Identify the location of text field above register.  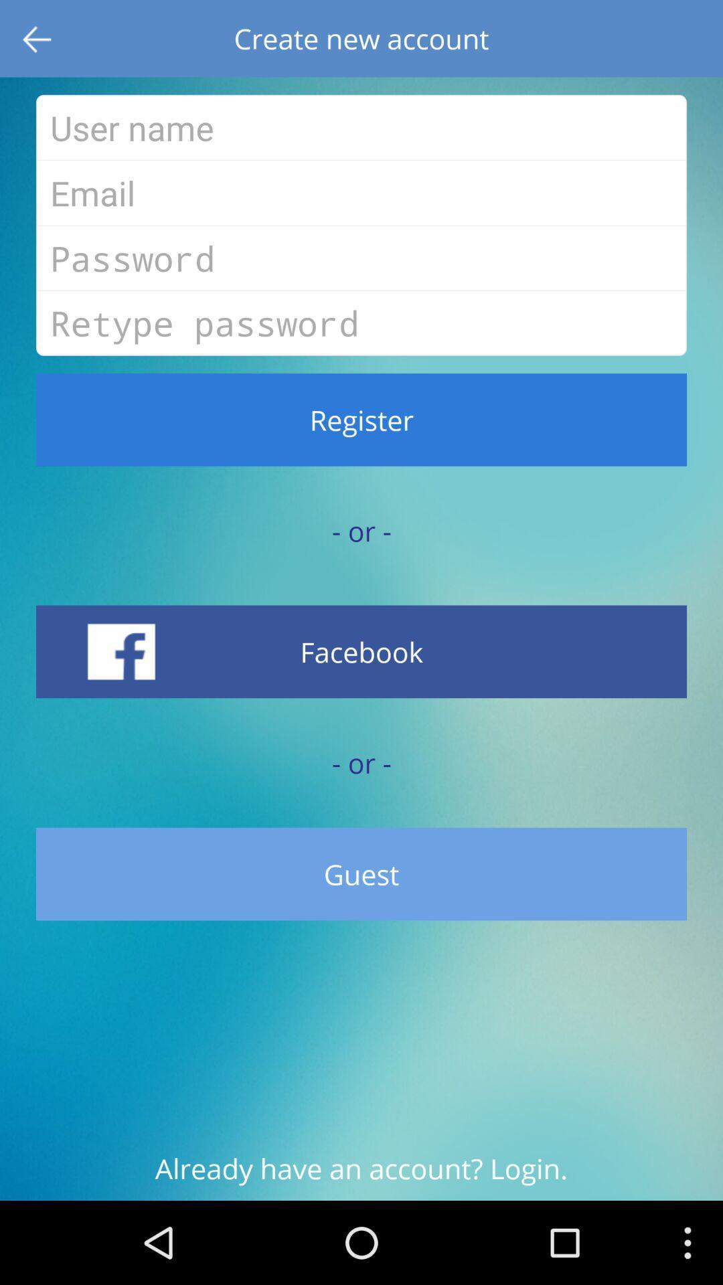
(361, 323).